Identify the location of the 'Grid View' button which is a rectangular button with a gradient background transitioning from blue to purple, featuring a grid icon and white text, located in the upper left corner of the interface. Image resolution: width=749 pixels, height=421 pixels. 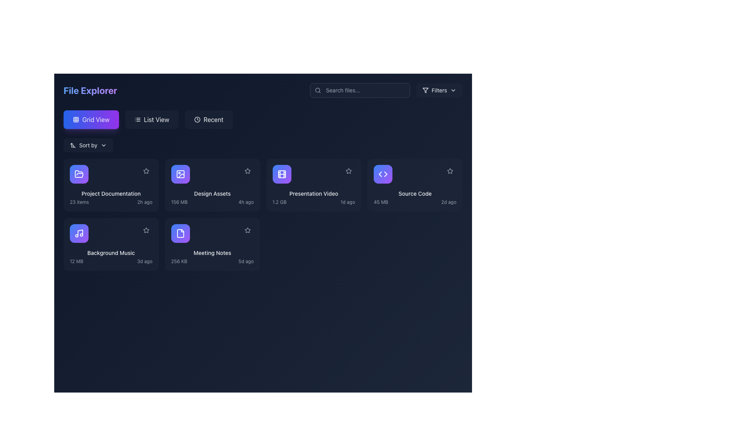
(91, 120).